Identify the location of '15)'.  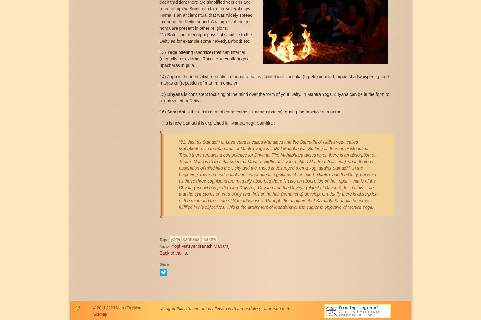
(163, 94).